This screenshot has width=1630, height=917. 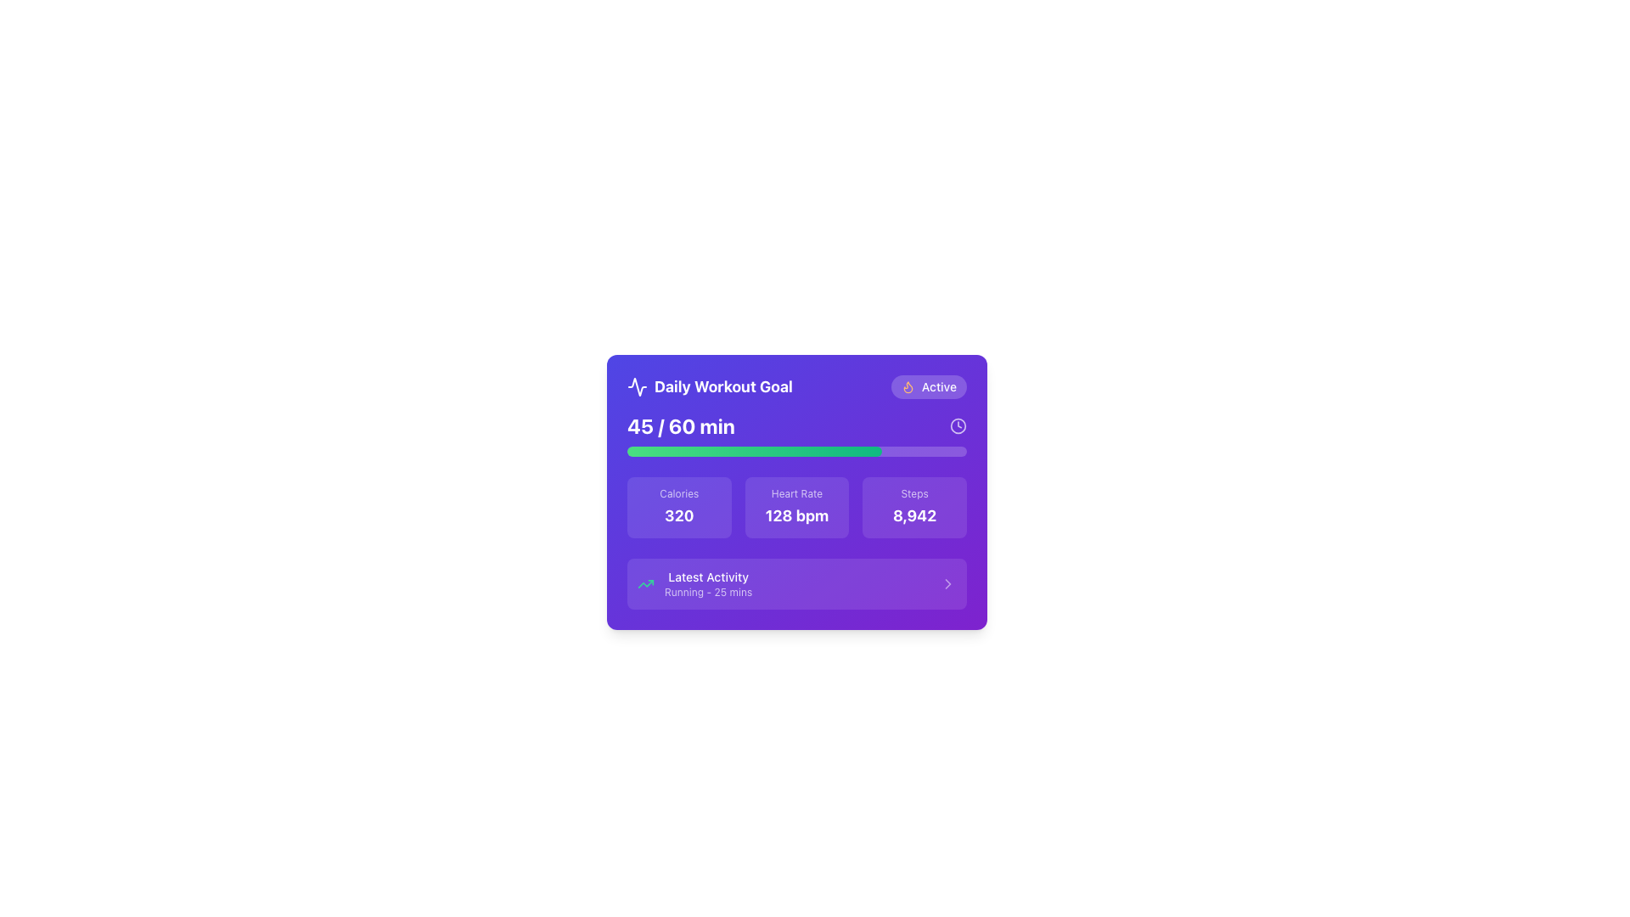 What do you see at coordinates (679, 506) in the screenshot?
I see `the Information Card displaying 'Calories' with the number '320' in a bold, large font, which is the leftmost box in the row of three boxes under the 'Daily Workout Goal' purple background` at bounding box center [679, 506].